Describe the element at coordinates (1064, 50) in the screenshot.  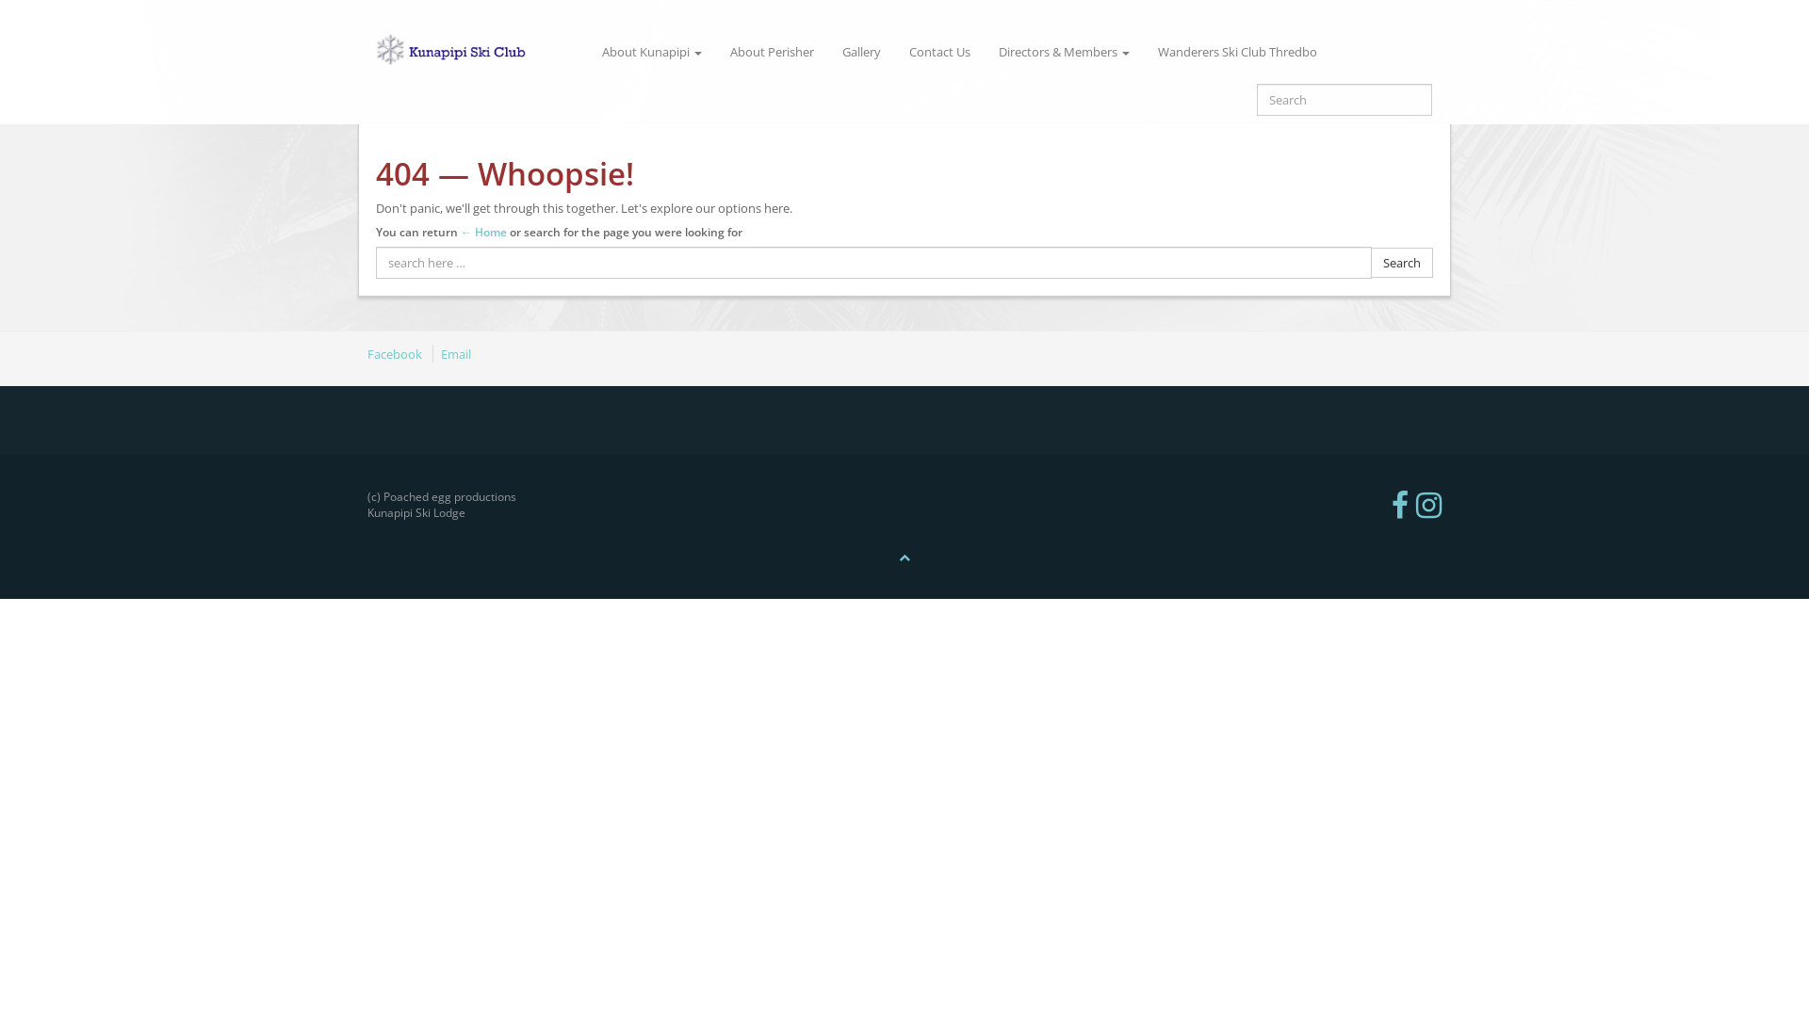
I see `'Directors & Members'` at that location.